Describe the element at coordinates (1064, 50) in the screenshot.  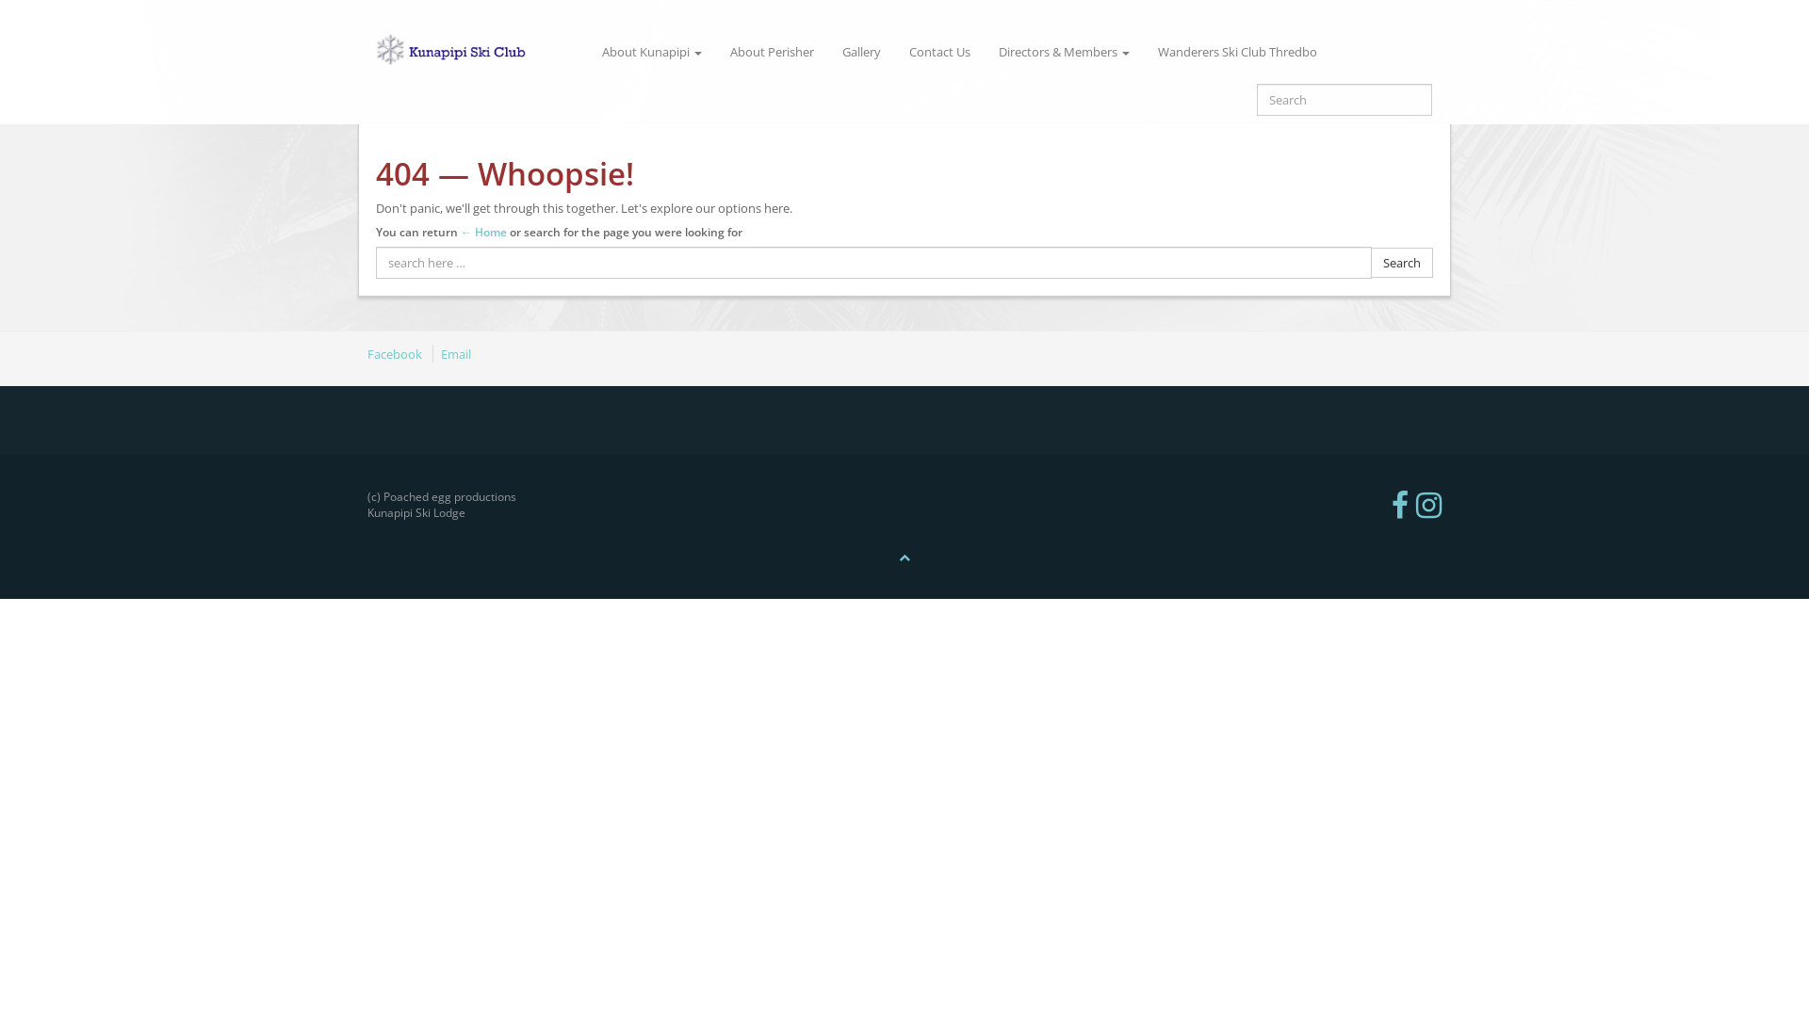
I see `'Directors & Members'` at that location.